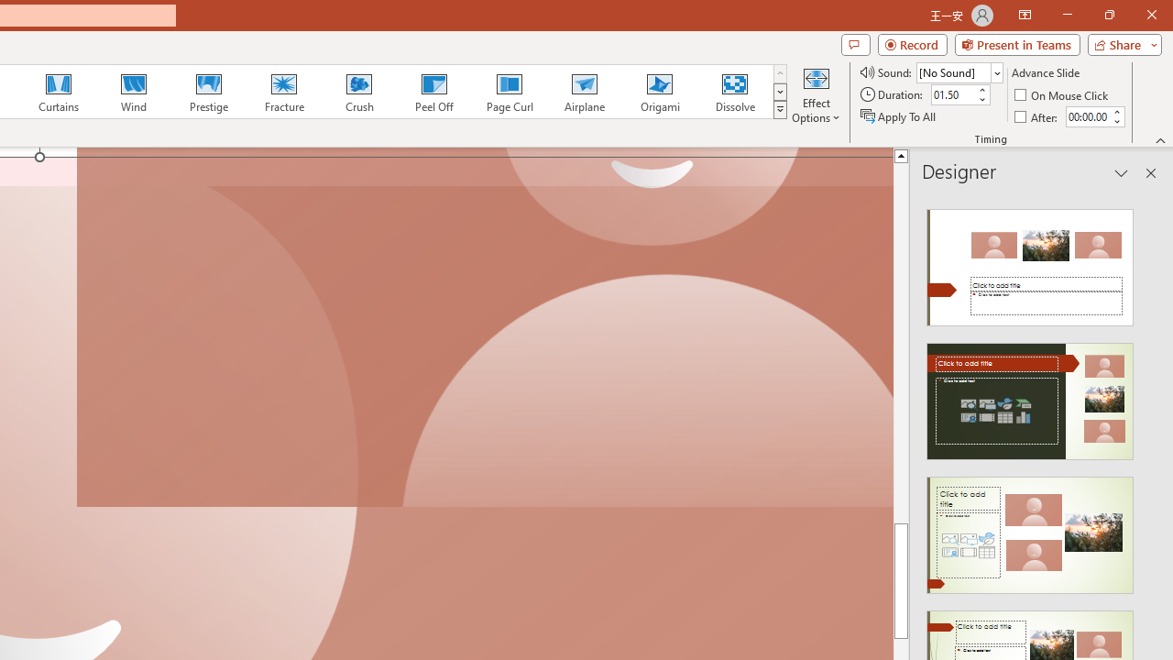 This screenshot has width=1173, height=660. Describe the element at coordinates (59, 92) in the screenshot. I see `'Curtains'` at that location.